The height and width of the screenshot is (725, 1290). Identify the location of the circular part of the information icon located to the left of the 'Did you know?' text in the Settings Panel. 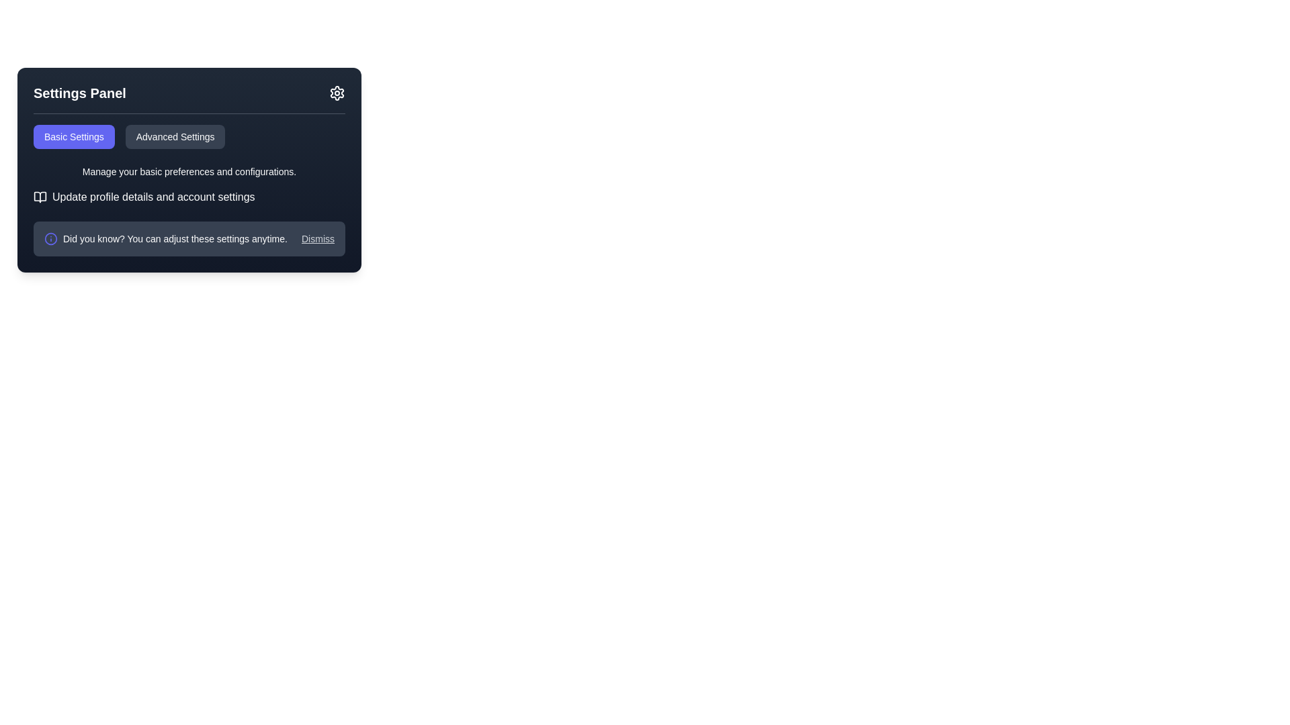
(51, 238).